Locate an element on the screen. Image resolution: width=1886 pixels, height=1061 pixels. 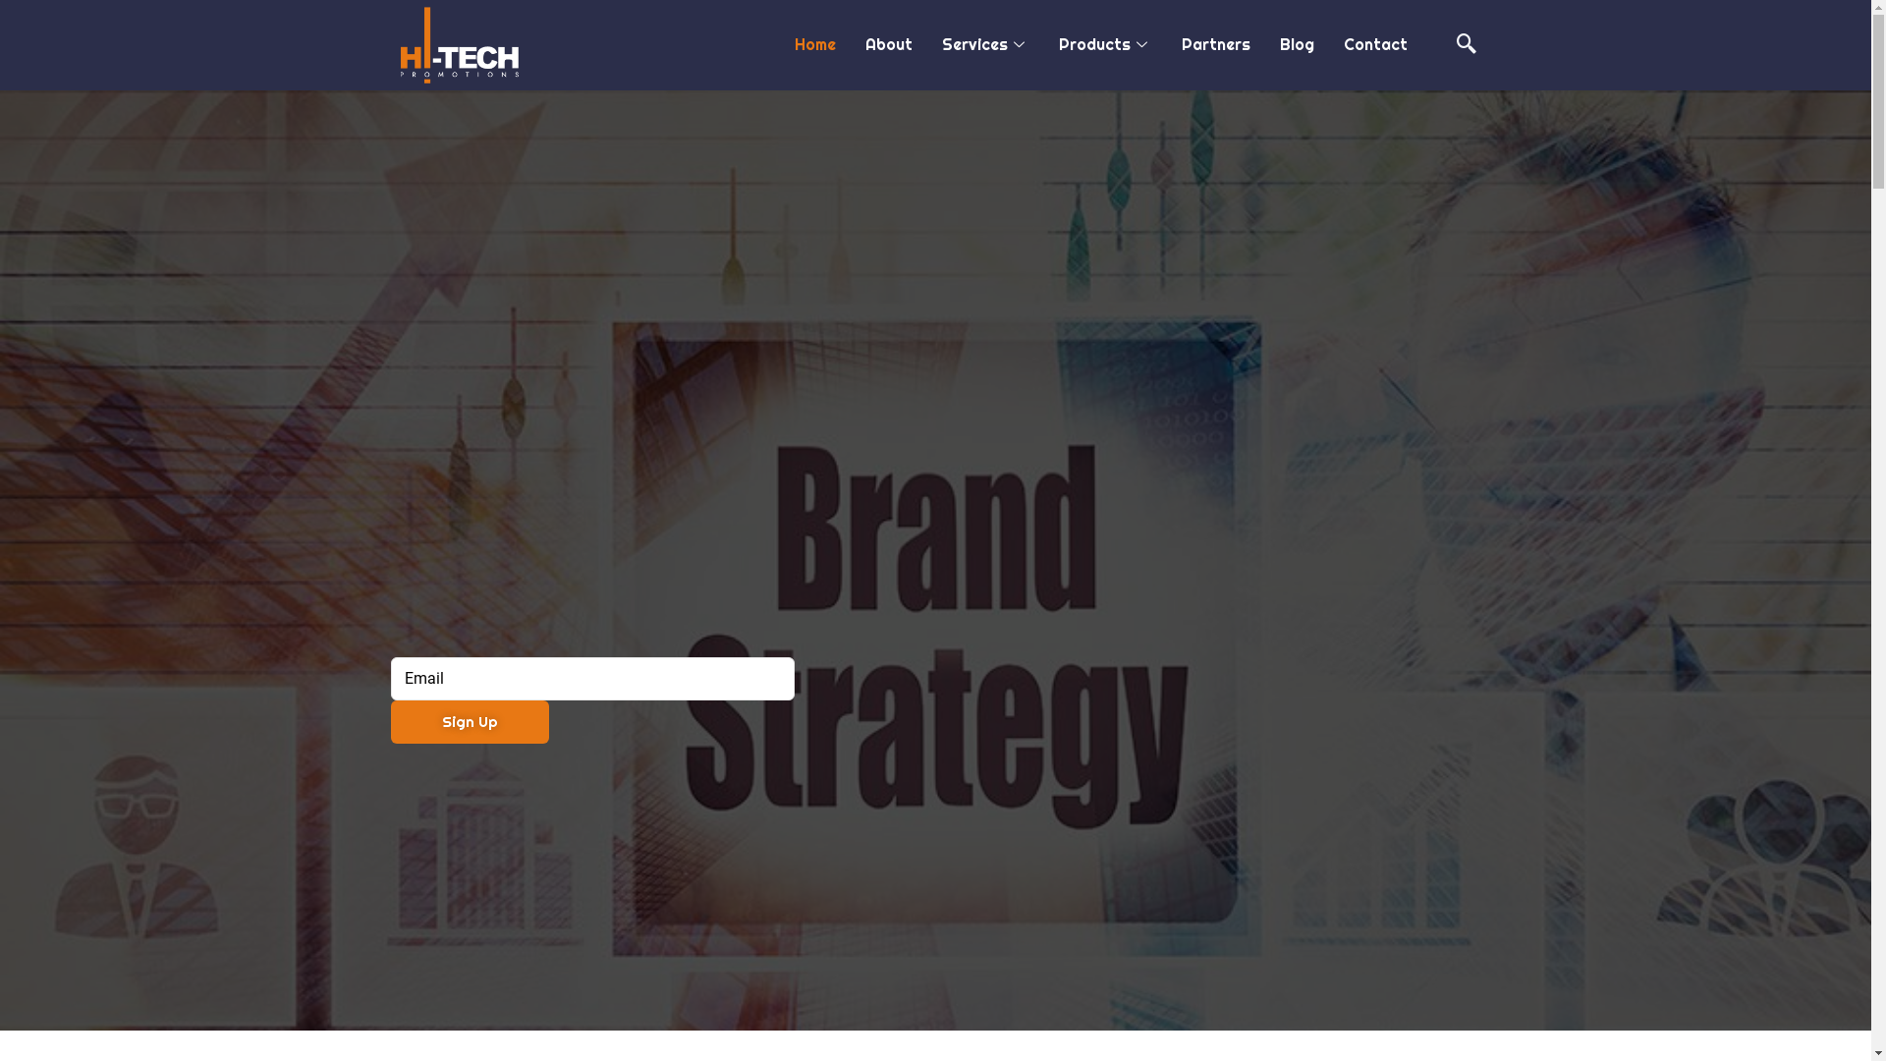
'Partners' is located at coordinates (1167, 44).